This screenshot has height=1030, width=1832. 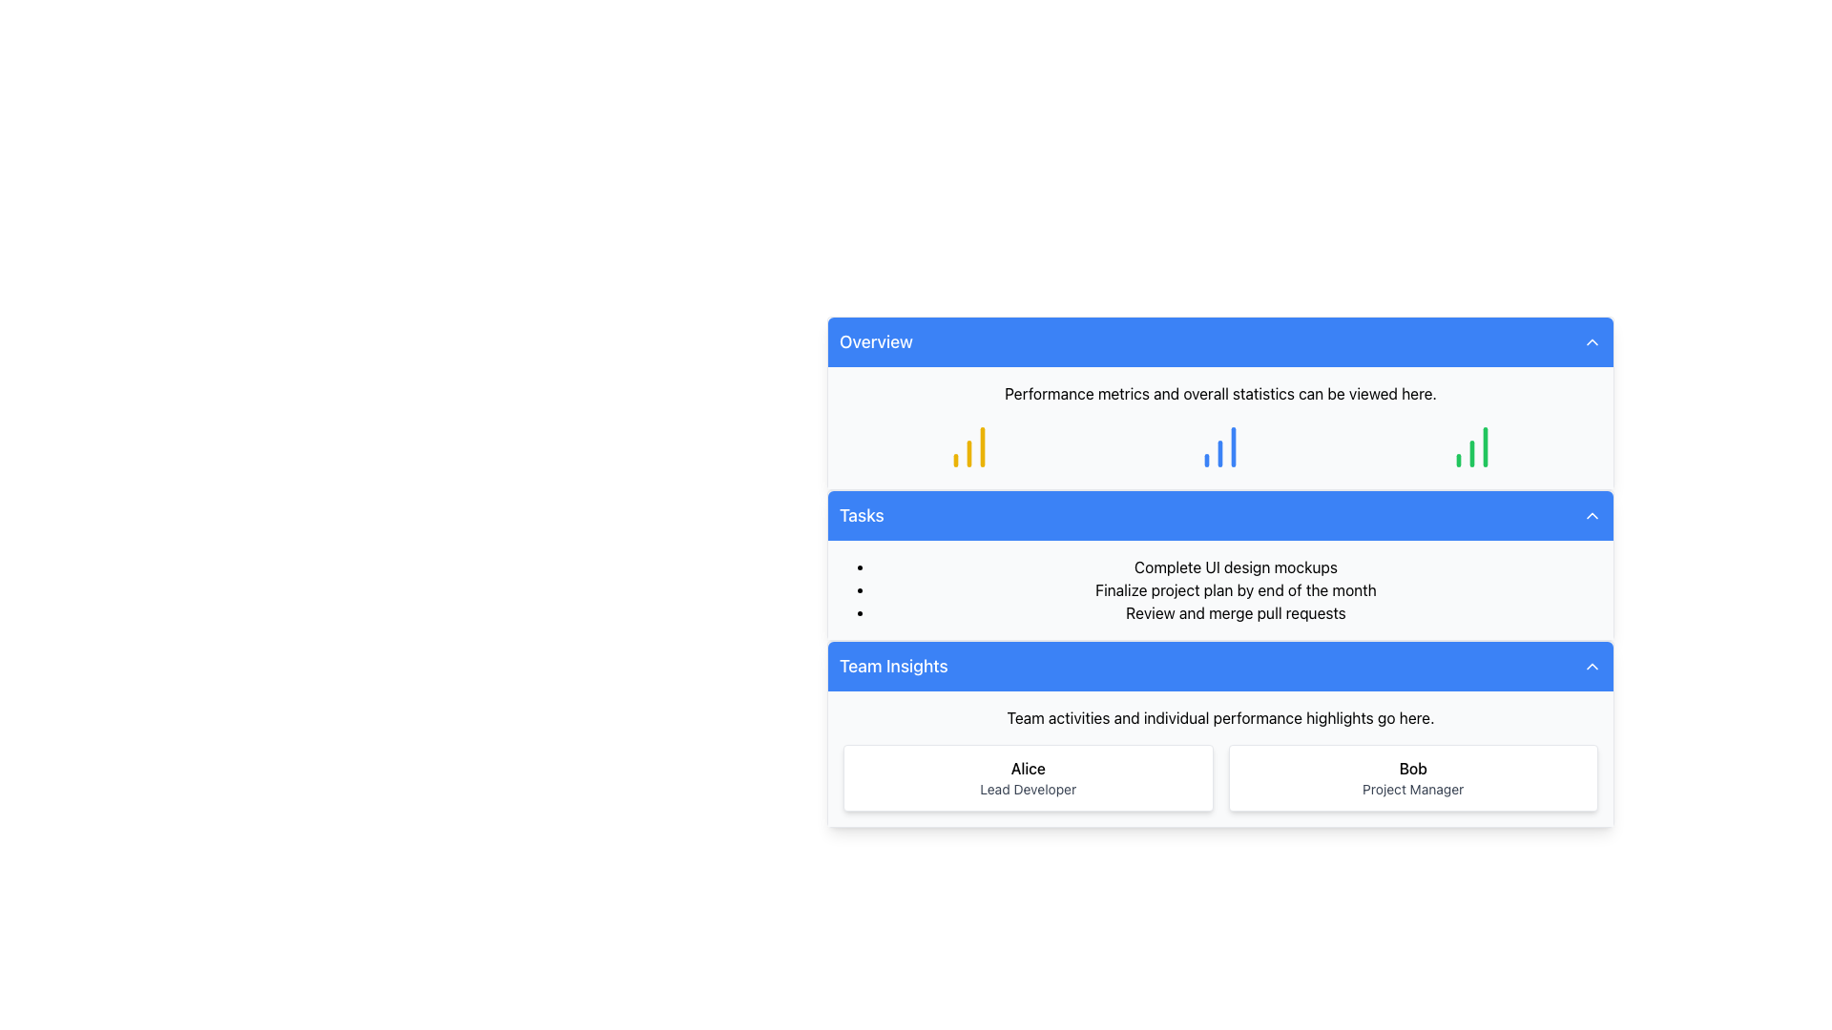 I want to click on the vertical bar chart icon with three green bars, positioned as the last icon in the Overview section, so click(x=1471, y=447).